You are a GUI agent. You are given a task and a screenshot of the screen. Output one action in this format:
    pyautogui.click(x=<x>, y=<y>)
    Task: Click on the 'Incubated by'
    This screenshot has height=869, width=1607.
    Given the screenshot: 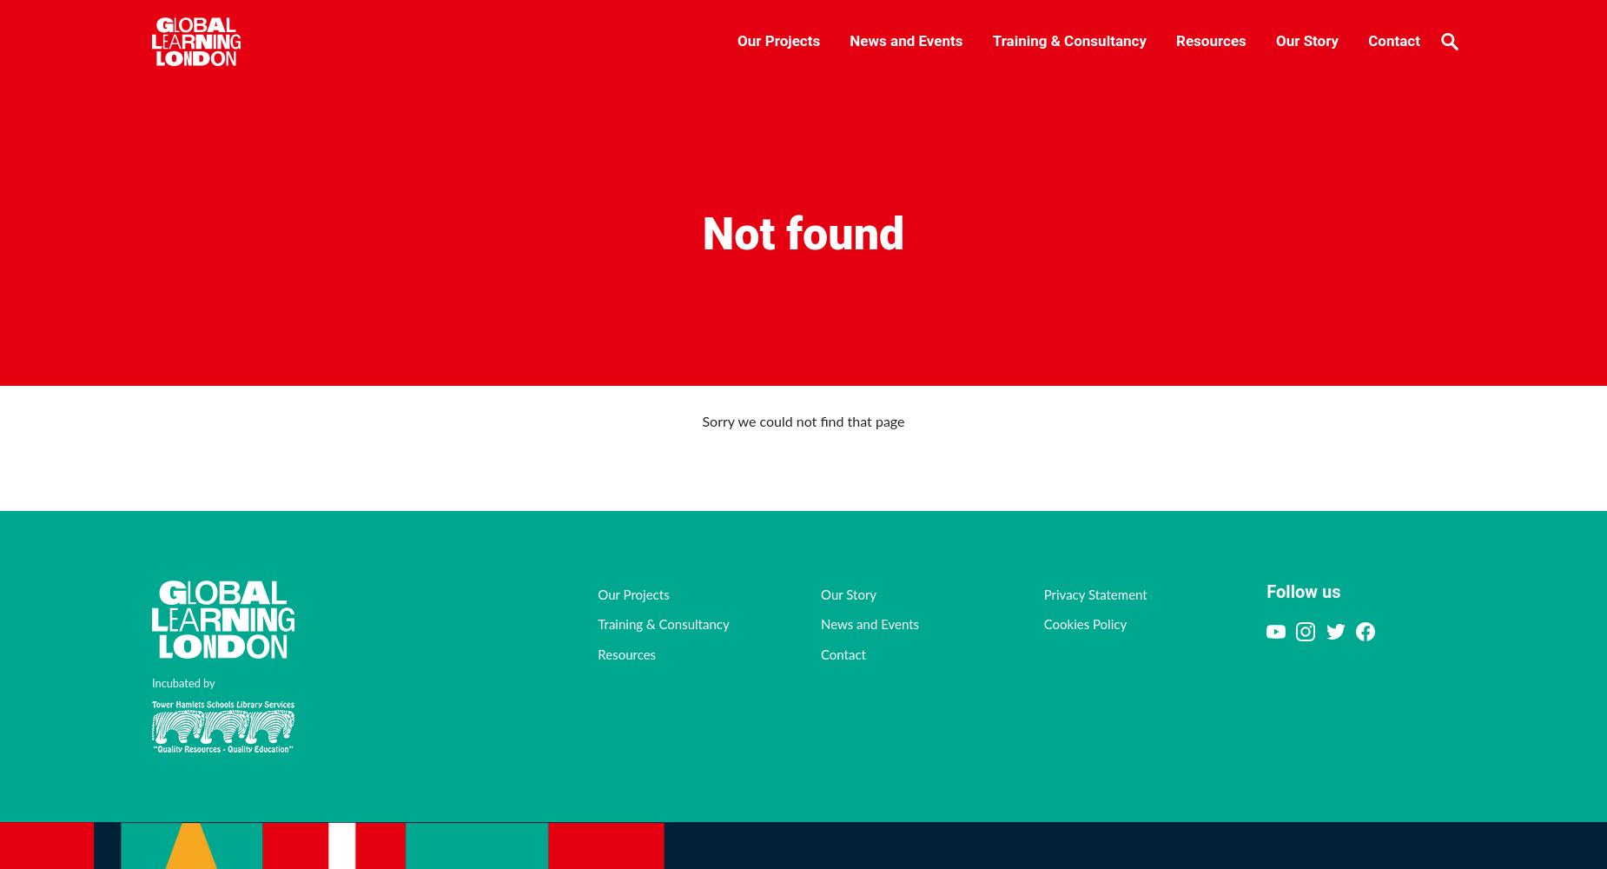 What is the action you would take?
    pyautogui.click(x=182, y=683)
    